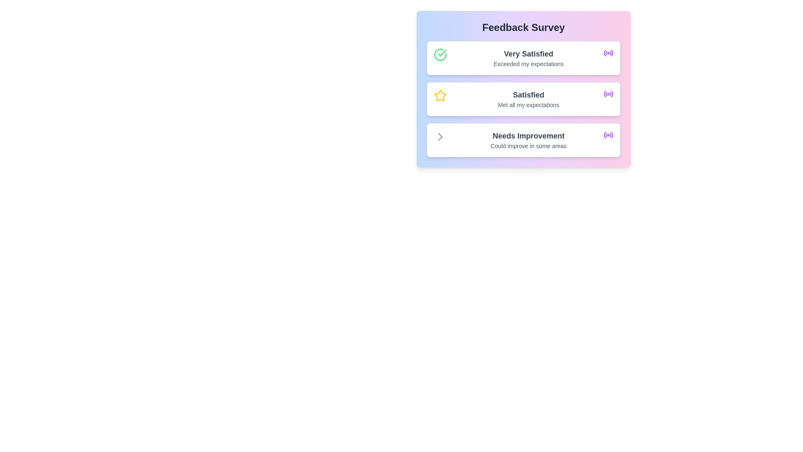 Image resolution: width=803 pixels, height=452 pixels. What do you see at coordinates (440, 95) in the screenshot?
I see `the star icon representing the 'Satisfied' feedback option located to the left of the text 'Satisfied' in the survey card` at bounding box center [440, 95].